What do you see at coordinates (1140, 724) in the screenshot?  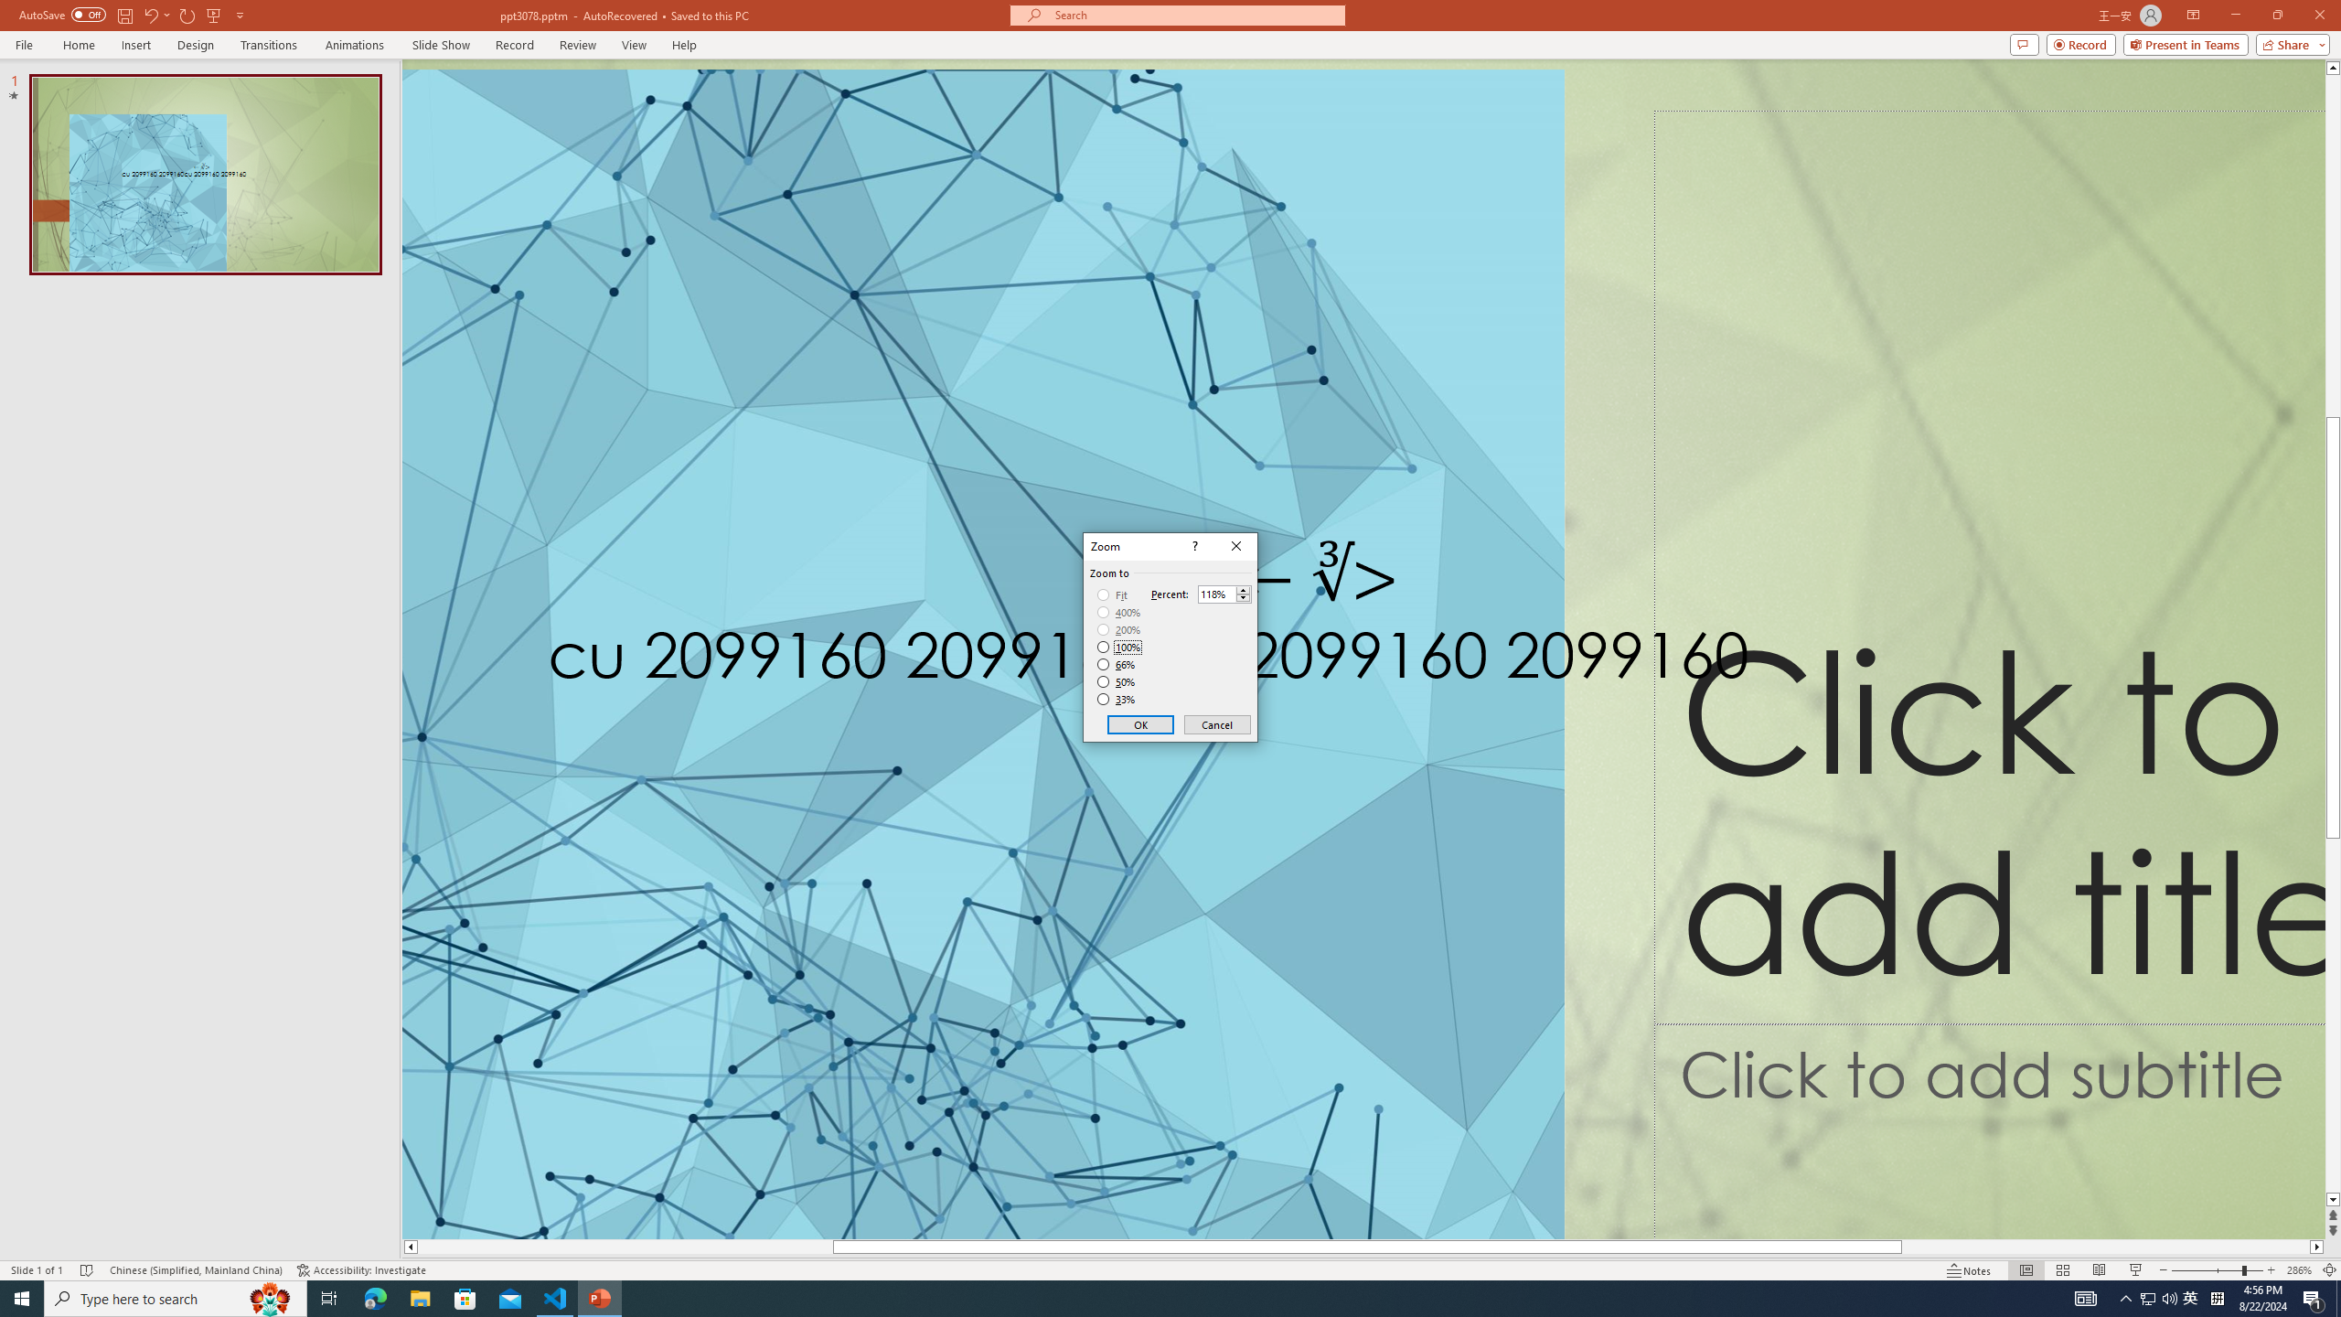 I see `'OK'` at bounding box center [1140, 724].